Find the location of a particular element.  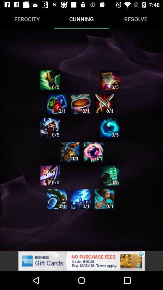

game option is located at coordinates (57, 104).